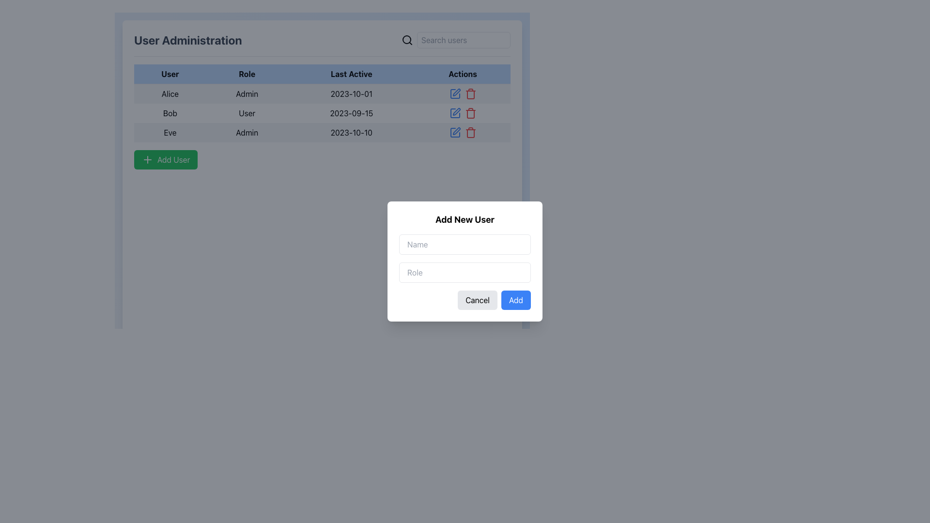 This screenshot has height=523, width=930. What do you see at coordinates (247, 74) in the screenshot?
I see `the 'Role' table header, which is styled with a bold font and a blue background, located between the 'User' and 'Last Active' headers in the user details table` at bounding box center [247, 74].